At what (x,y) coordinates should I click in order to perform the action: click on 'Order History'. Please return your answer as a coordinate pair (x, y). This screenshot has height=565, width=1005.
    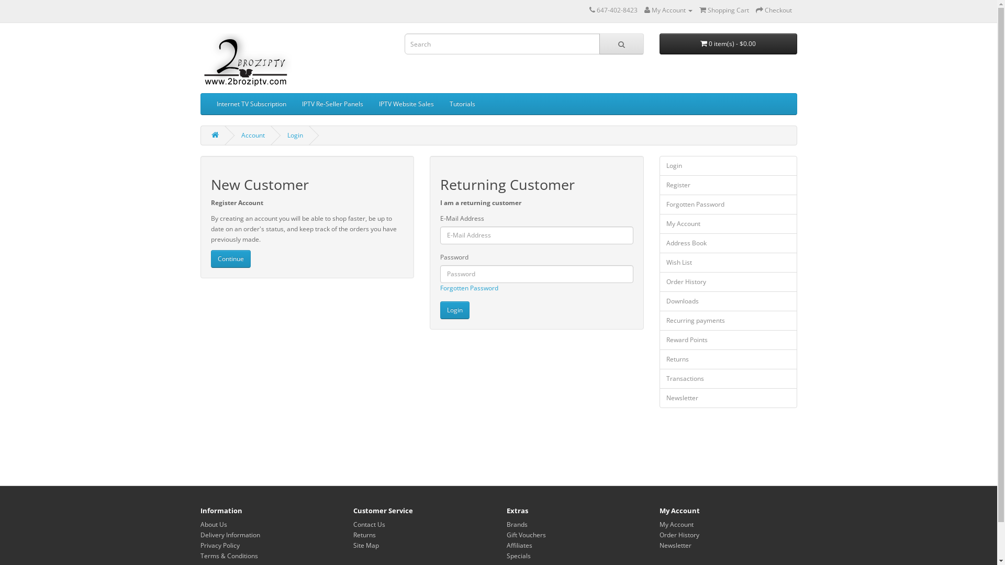
    Looking at the image, I should click on (728, 281).